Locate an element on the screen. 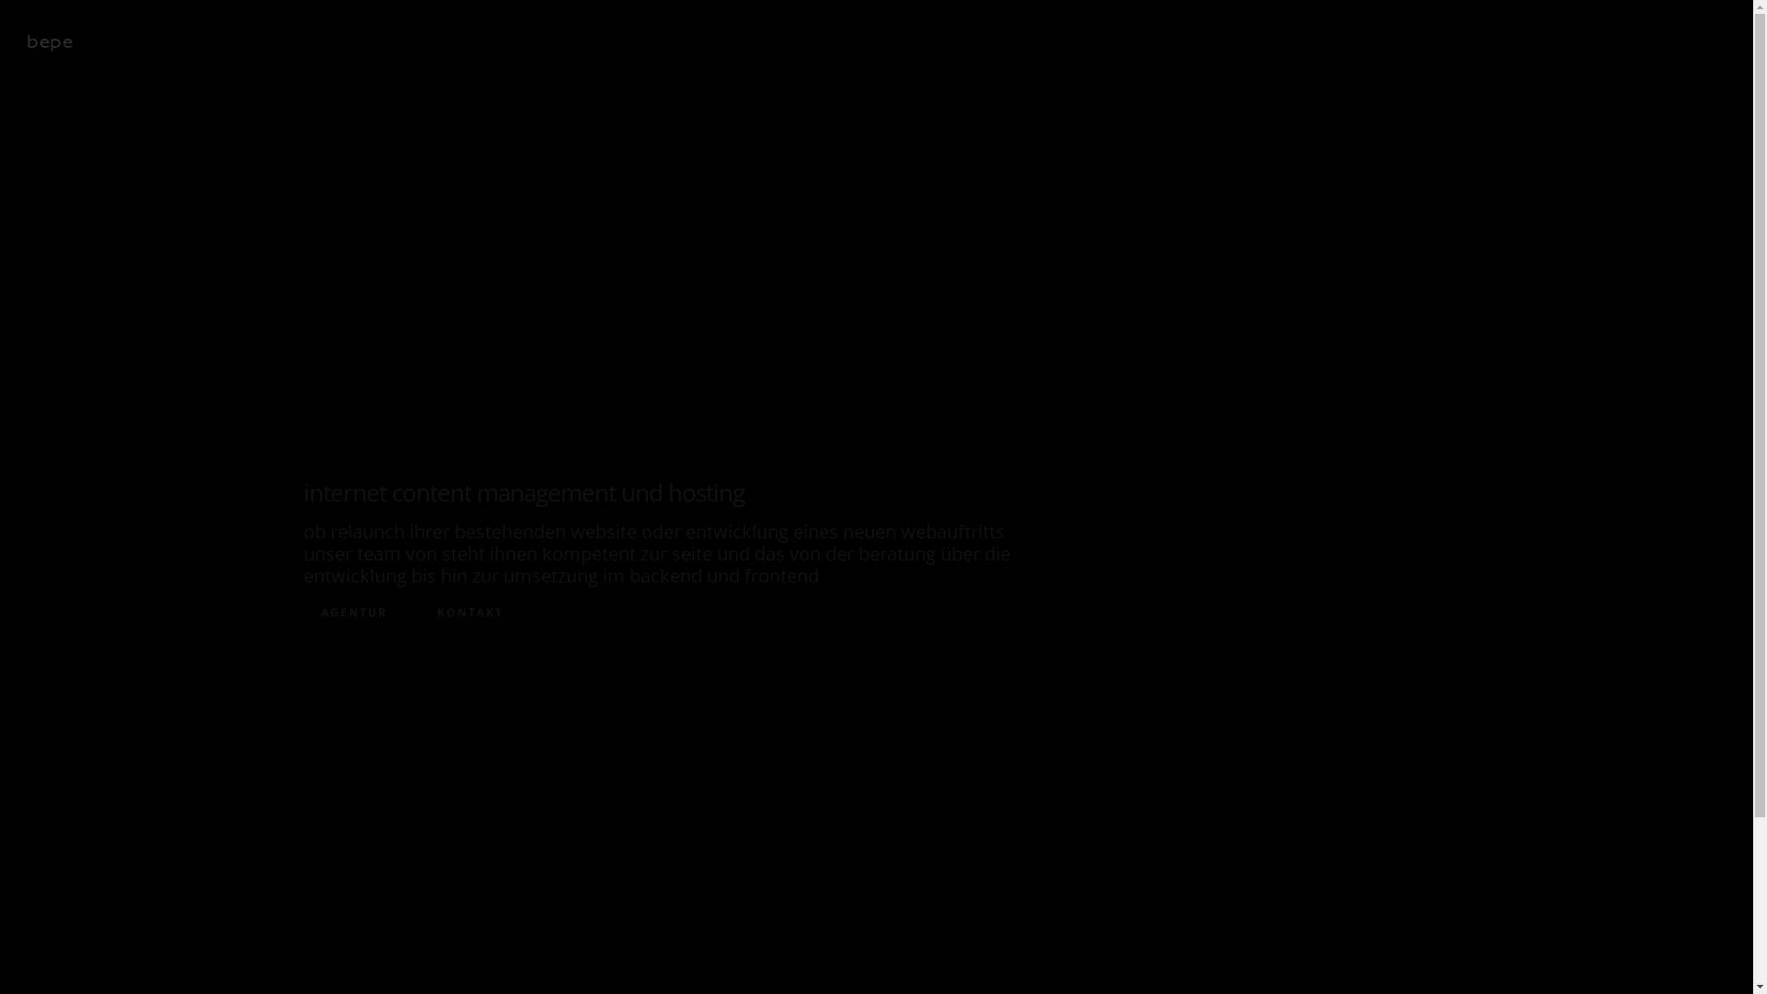 This screenshot has width=1767, height=994. 'KONTAKT' is located at coordinates (469, 612).